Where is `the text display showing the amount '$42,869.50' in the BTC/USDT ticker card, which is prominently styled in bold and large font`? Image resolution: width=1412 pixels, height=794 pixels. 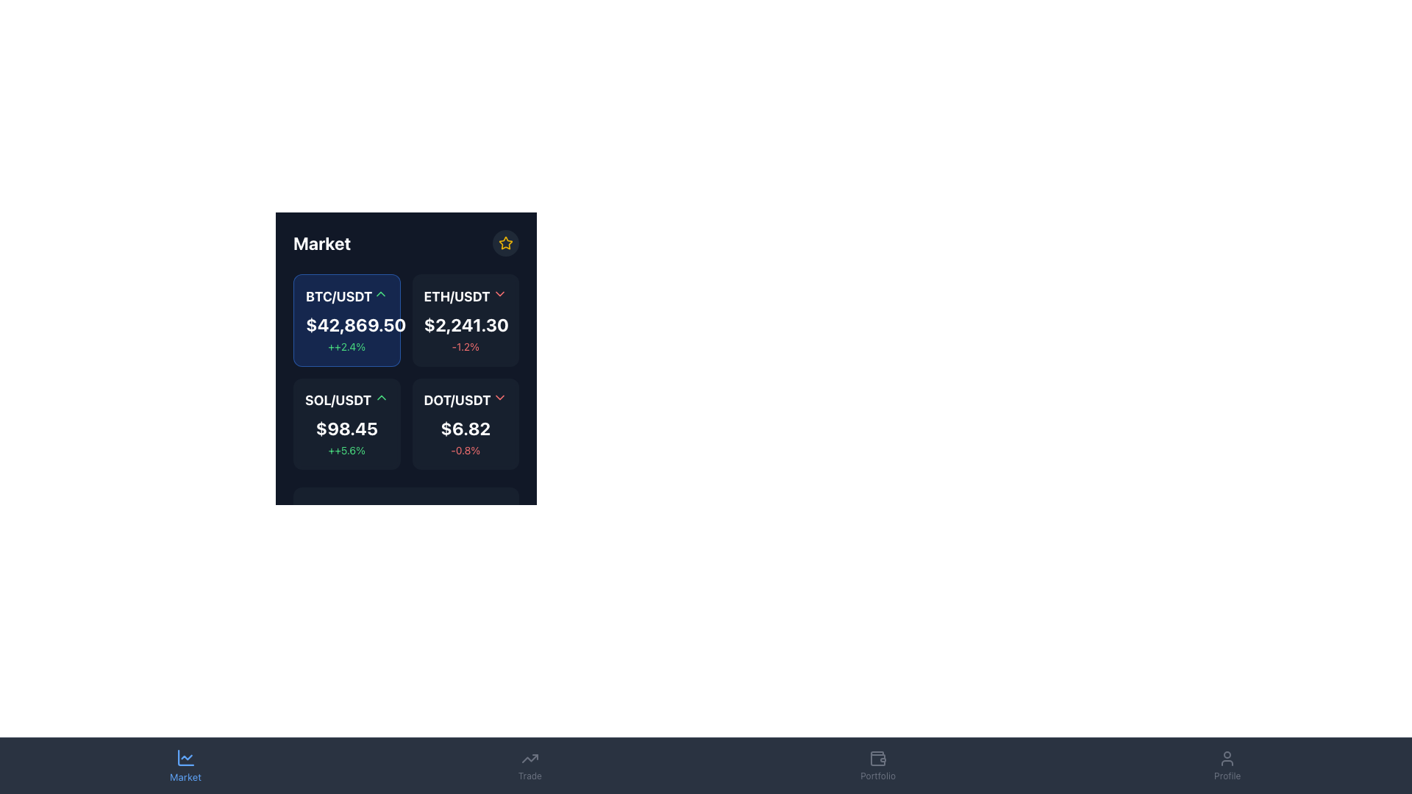 the text display showing the amount '$42,869.50' in the BTC/USDT ticker card, which is prominently styled in bold and large font is located at coordinates (346, 324).